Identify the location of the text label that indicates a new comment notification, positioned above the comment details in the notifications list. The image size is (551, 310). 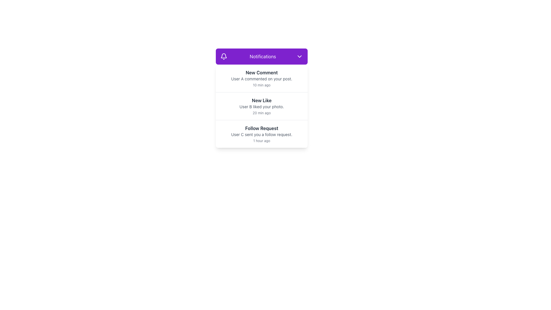
(261, 72).